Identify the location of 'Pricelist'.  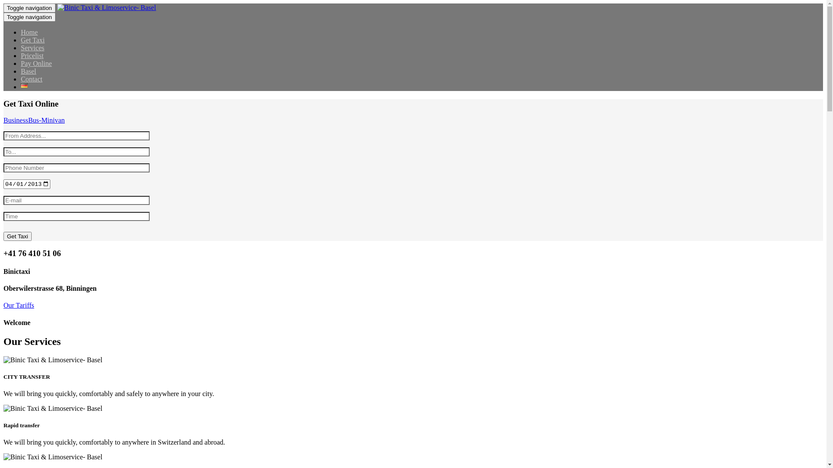
(21, 55).